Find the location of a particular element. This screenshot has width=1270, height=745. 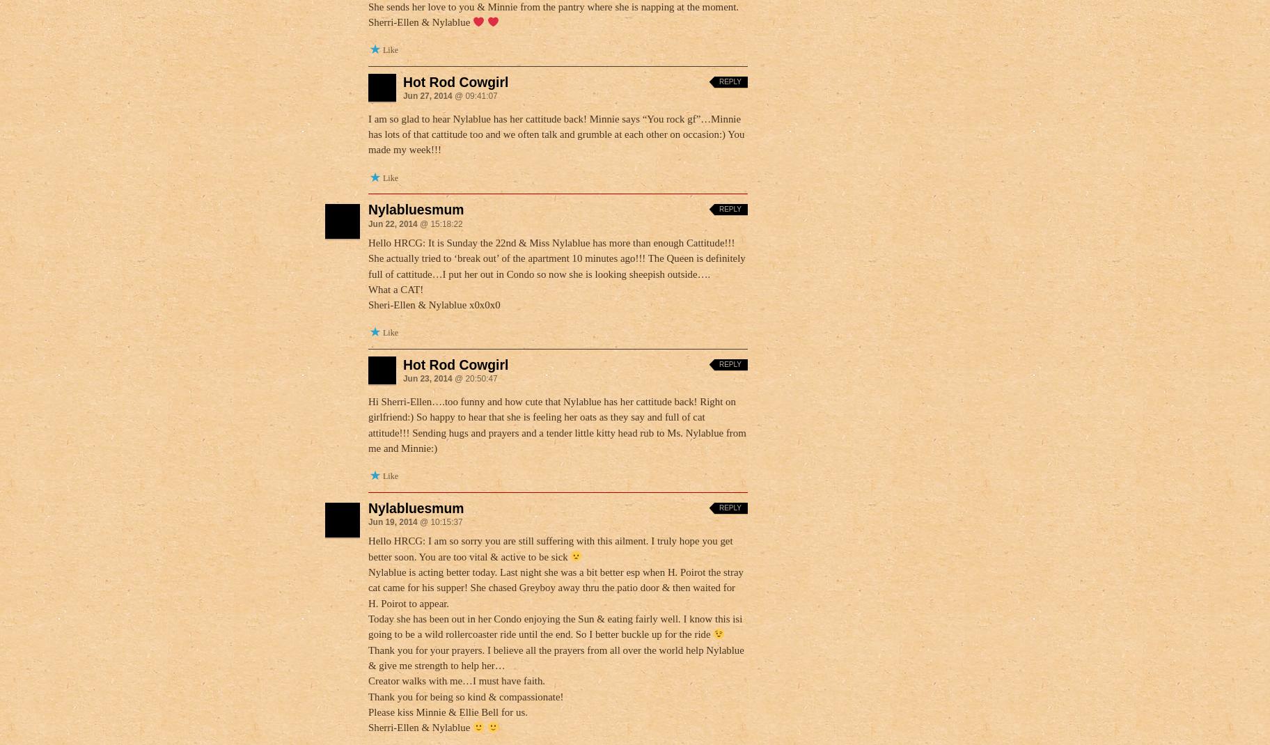

'Sheri-Ellen & Nylablue x0x0x0' is located at coordinates (433, 304).